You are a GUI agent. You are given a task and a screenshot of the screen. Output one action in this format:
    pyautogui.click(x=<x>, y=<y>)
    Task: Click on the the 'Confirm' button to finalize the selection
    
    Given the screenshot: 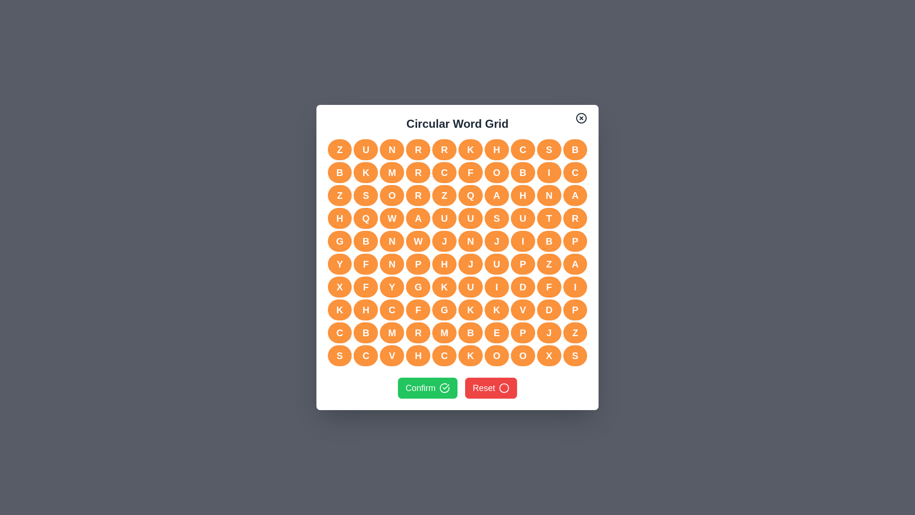 What is the action you would take?
    pyautogui.click(x=427, y=388)
    